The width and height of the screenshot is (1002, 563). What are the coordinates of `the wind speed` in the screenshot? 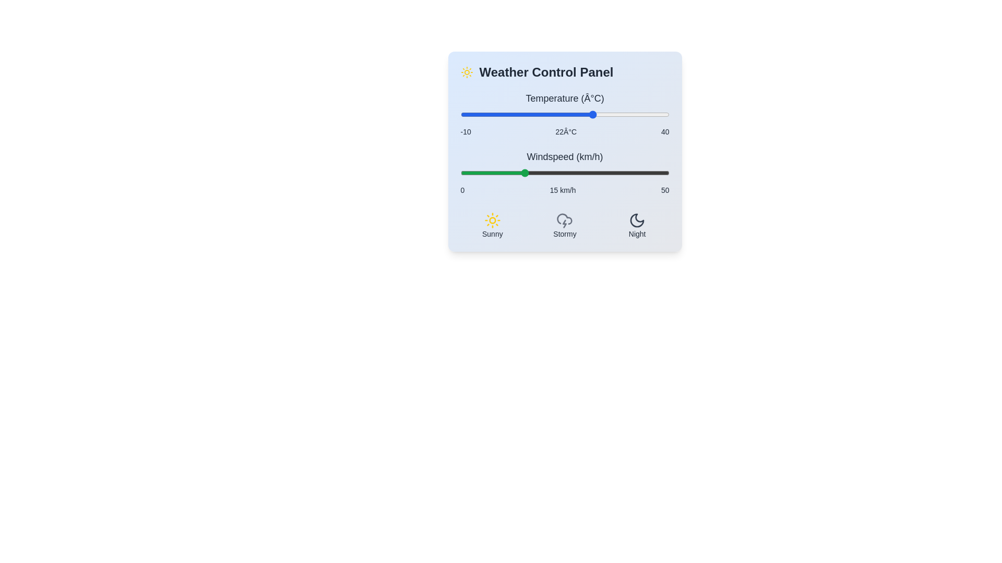 It's located at (510, 172).